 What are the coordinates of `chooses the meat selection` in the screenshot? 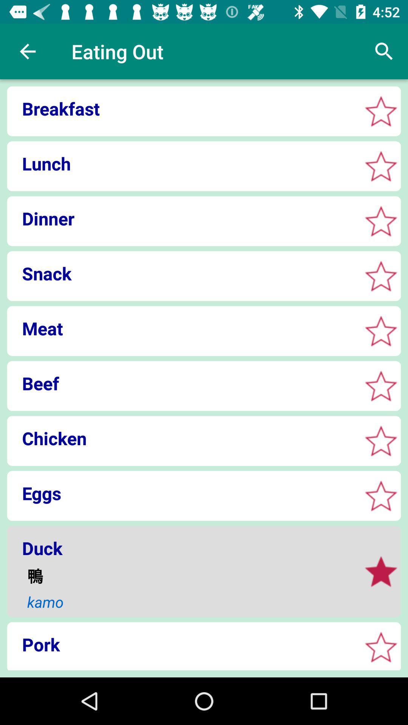 It's located at (381, 331).